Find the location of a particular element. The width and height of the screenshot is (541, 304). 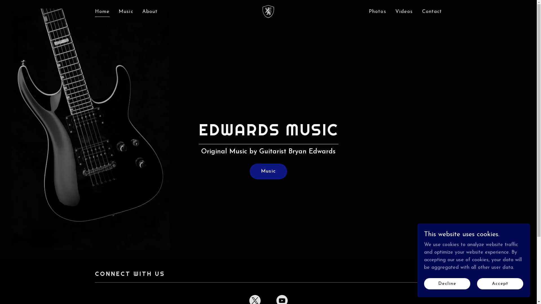

'Home' is located at coordinates (102, 12).